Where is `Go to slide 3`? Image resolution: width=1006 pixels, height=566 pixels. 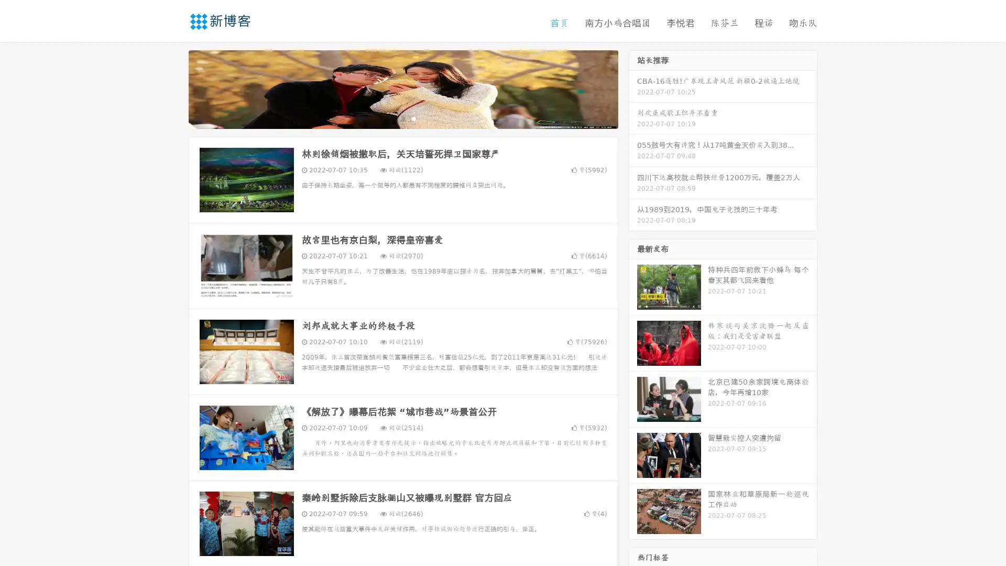
Go to slide 3 is located at coordinates (413, 118).